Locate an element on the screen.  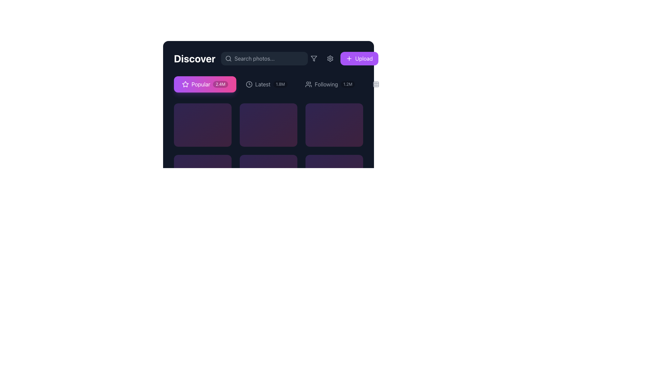
the circular icon representing a clock in the top navigation area of the interface is located at coordinates (249, 84).